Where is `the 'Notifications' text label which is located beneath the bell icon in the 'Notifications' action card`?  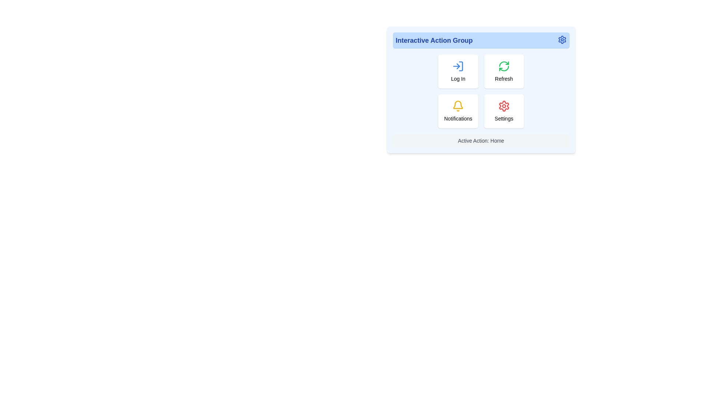 the 'Notifications' text label which is located beneath the bell icon in the 'Notifications' action card is located at coordinates (458, 118).